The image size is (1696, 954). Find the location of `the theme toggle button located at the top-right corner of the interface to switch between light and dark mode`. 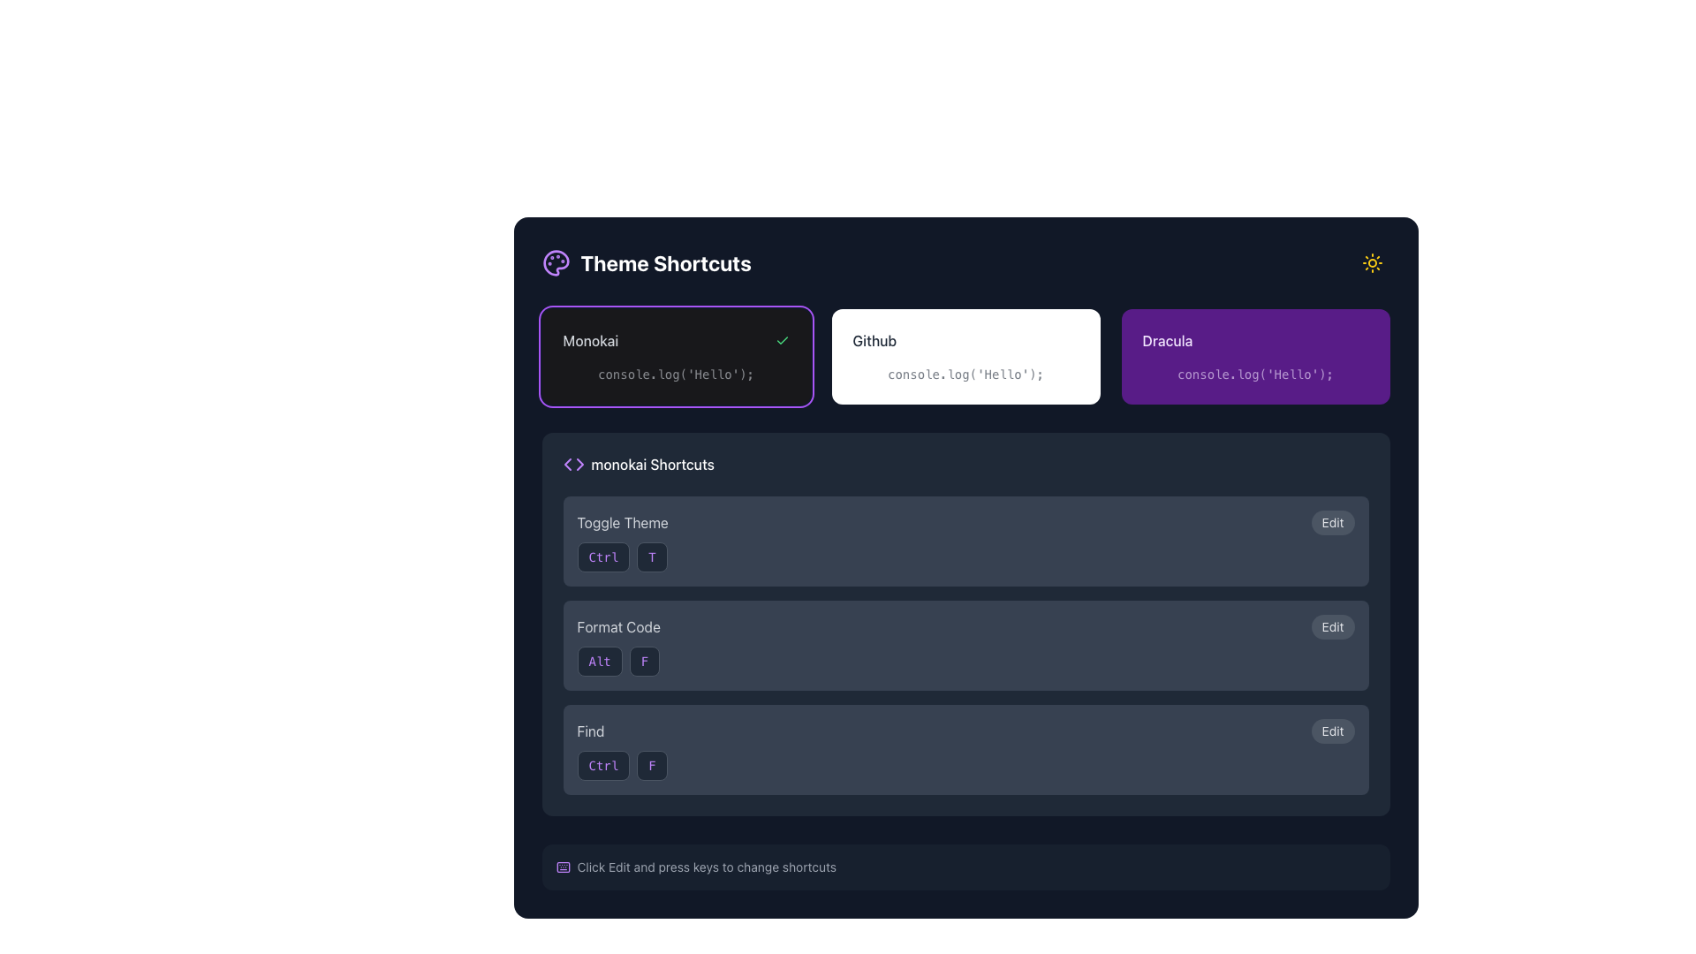

the theme toggle button located at the top-right corner of the interface to switch between light and dark mode is located at coordinates (1371, 262).